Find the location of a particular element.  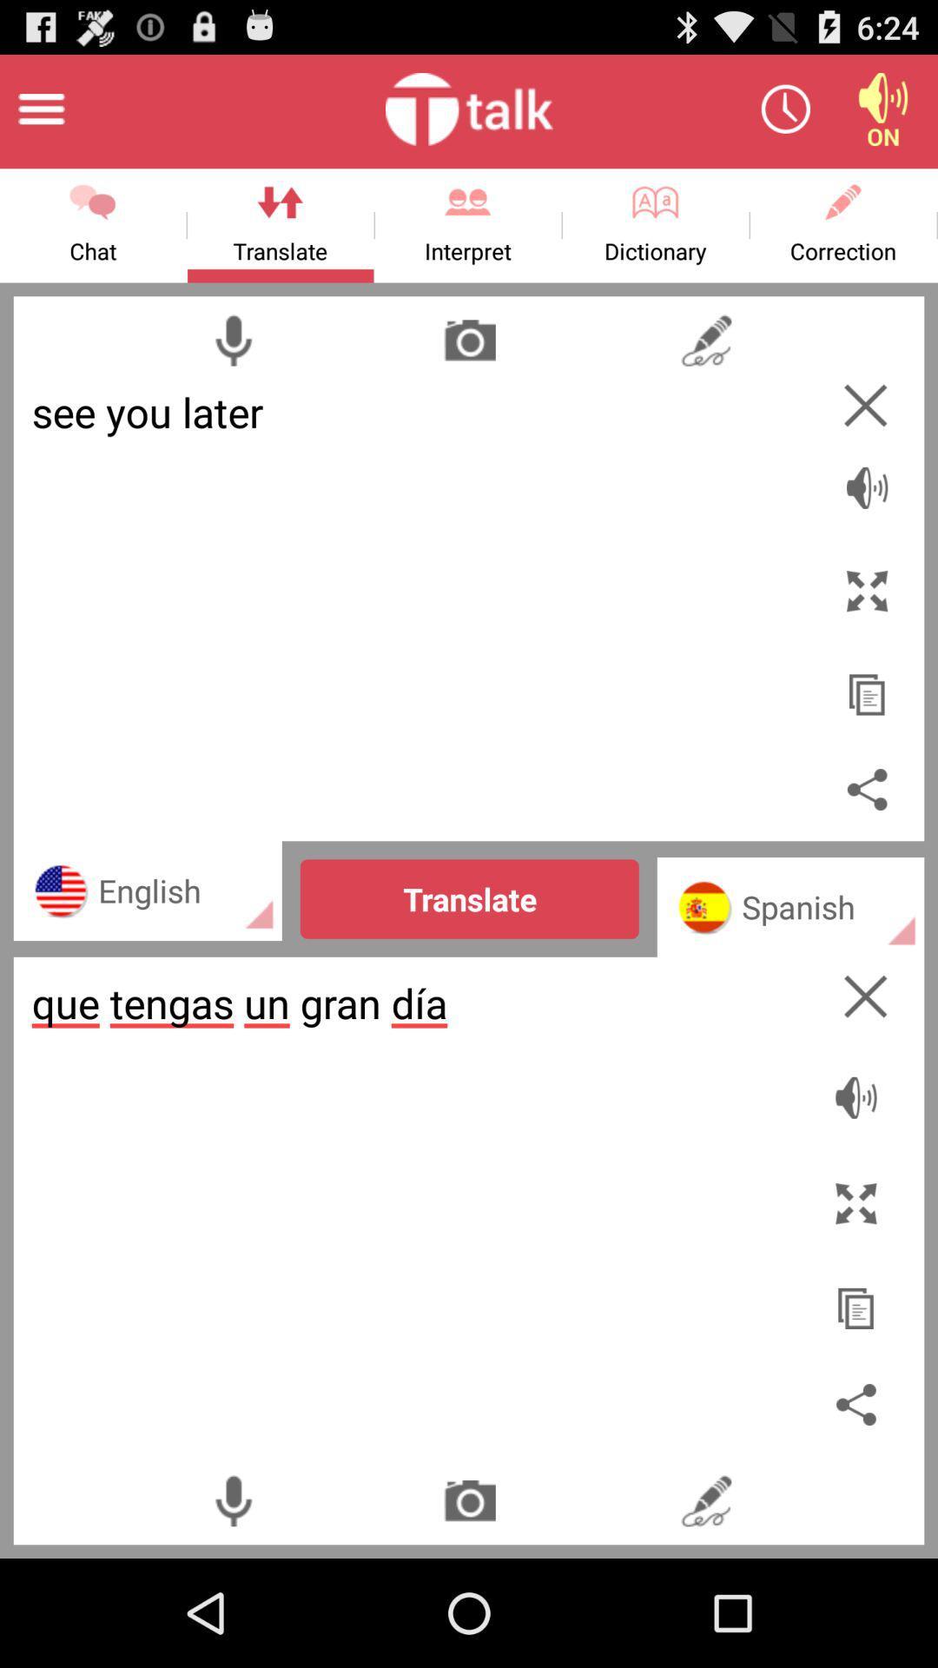

current page is located at coordinates (865, 996).